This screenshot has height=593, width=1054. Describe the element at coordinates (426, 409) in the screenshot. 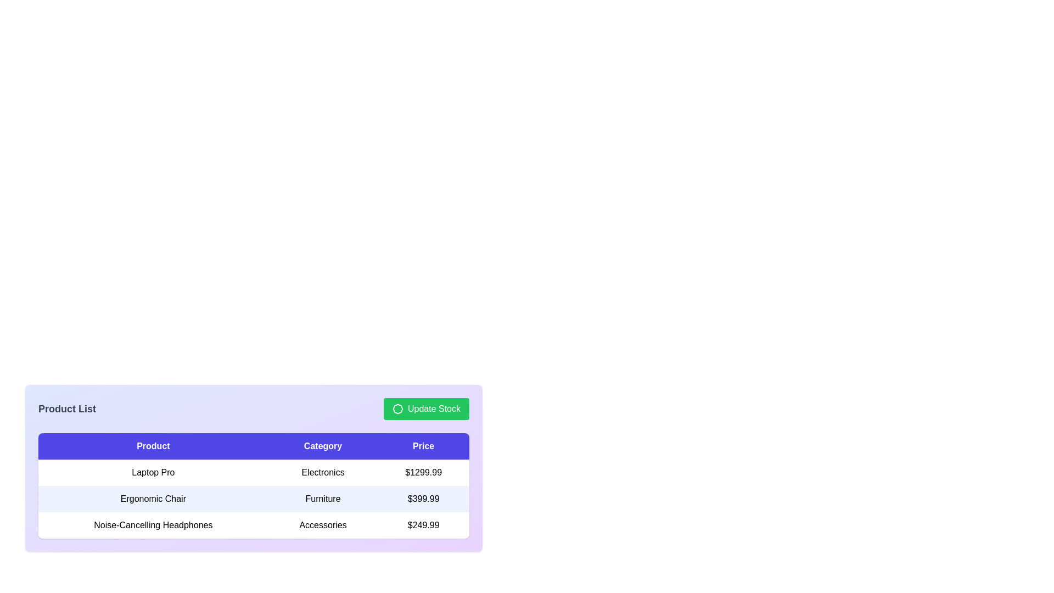

I see `the button located in the header section above the product list table, positioned towards the right side and aligned with the title 'Product List'` at that location.